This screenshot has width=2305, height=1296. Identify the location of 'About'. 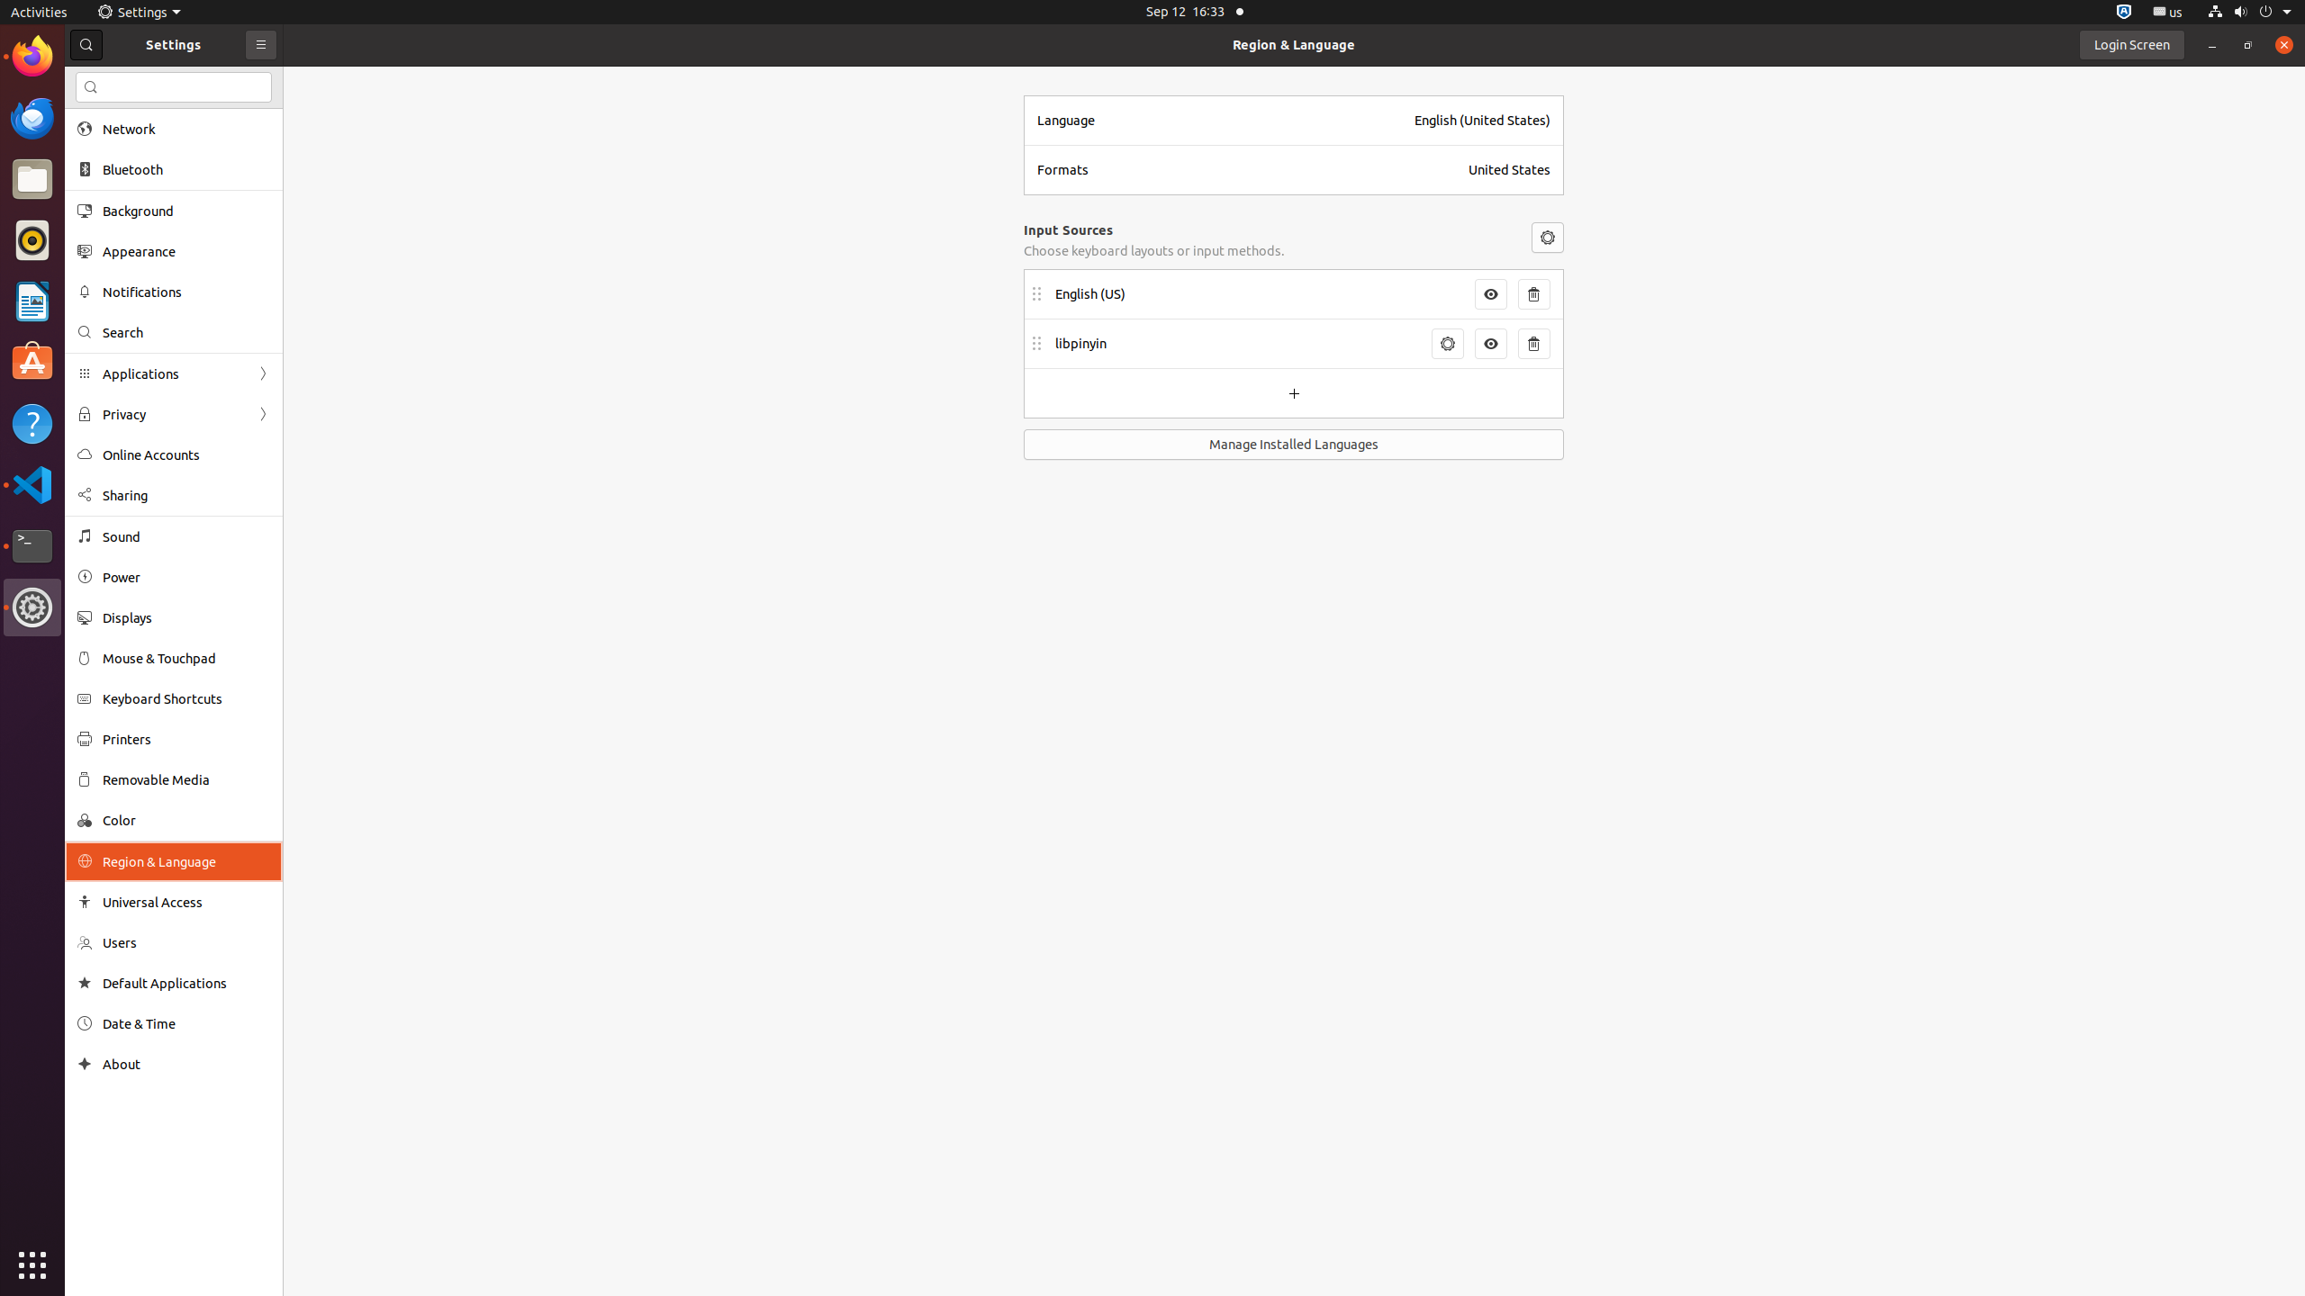
(84, 1064).